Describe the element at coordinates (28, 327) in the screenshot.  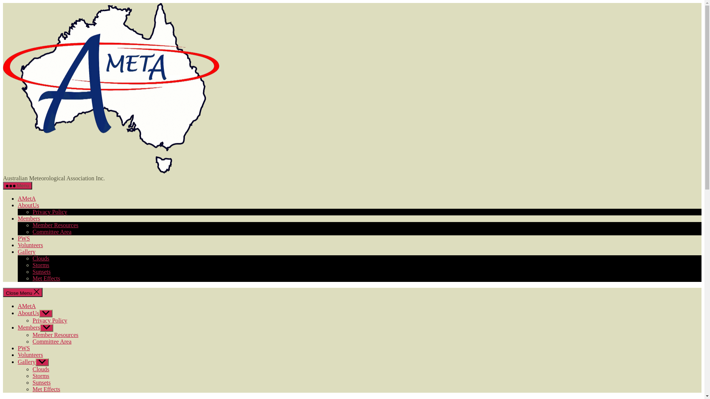
I see `'Members'` at that location.